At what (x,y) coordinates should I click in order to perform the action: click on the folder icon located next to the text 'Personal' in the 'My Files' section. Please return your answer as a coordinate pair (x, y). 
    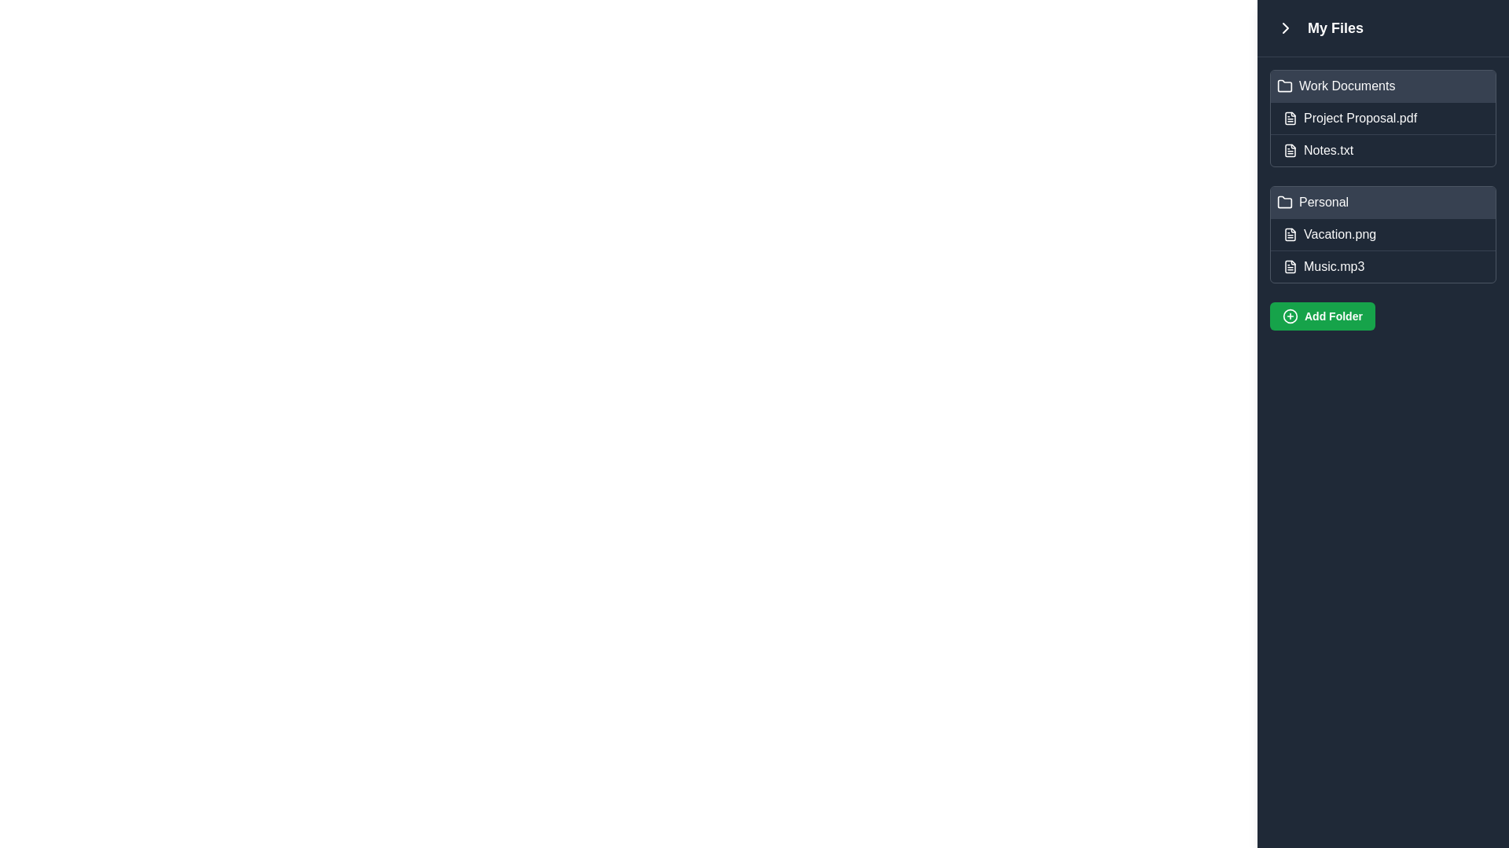
    Looking at the image, I should click on (1285, 202).